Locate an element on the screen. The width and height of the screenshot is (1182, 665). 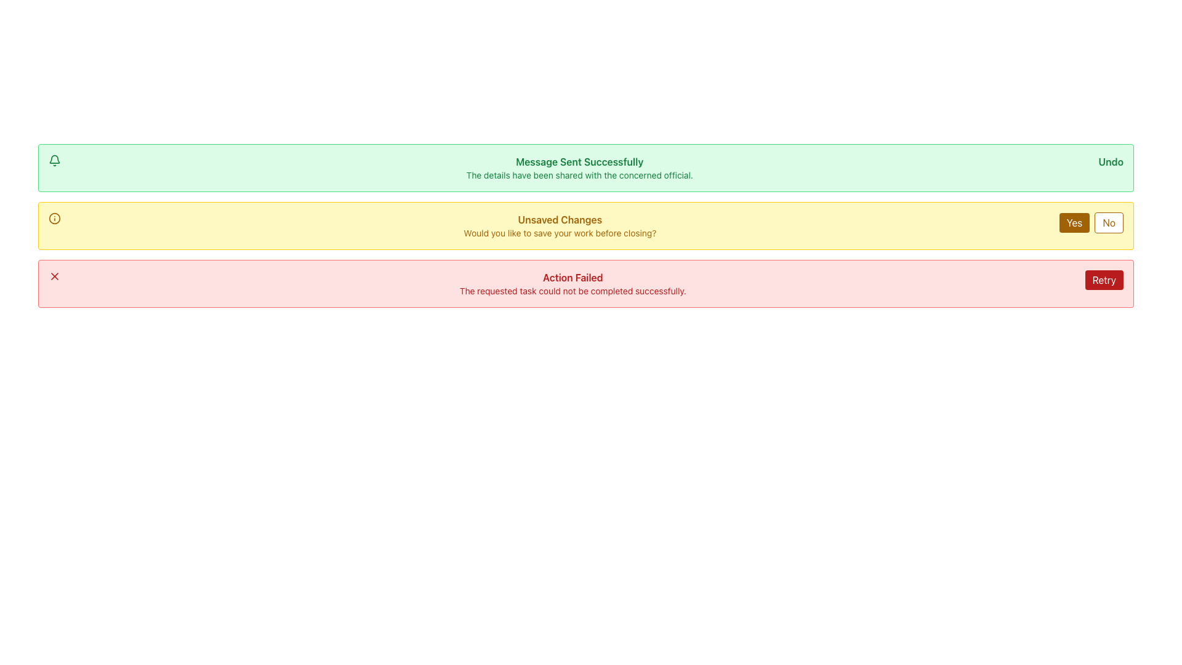
message from the text block displaying 'Message Sent Successfully' and the details that follow is located at coordinates (579, 168).